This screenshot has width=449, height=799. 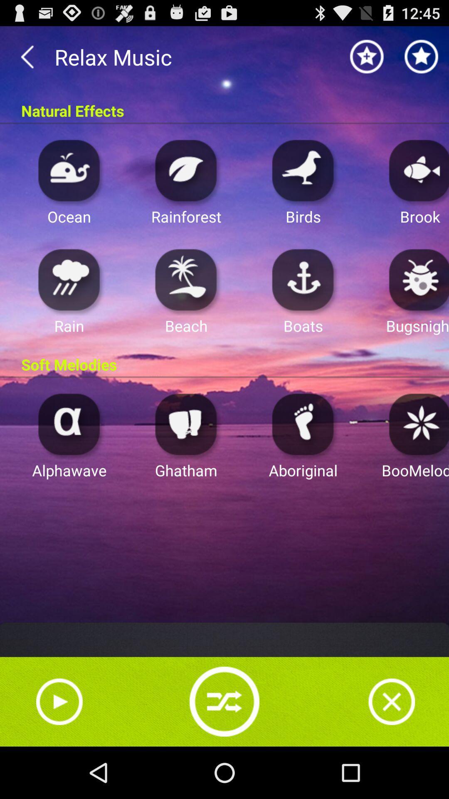 What do you see at coordinates (417, 279) in the screenshot?
I see `bugsnight button` at bounding box center [417, 279].